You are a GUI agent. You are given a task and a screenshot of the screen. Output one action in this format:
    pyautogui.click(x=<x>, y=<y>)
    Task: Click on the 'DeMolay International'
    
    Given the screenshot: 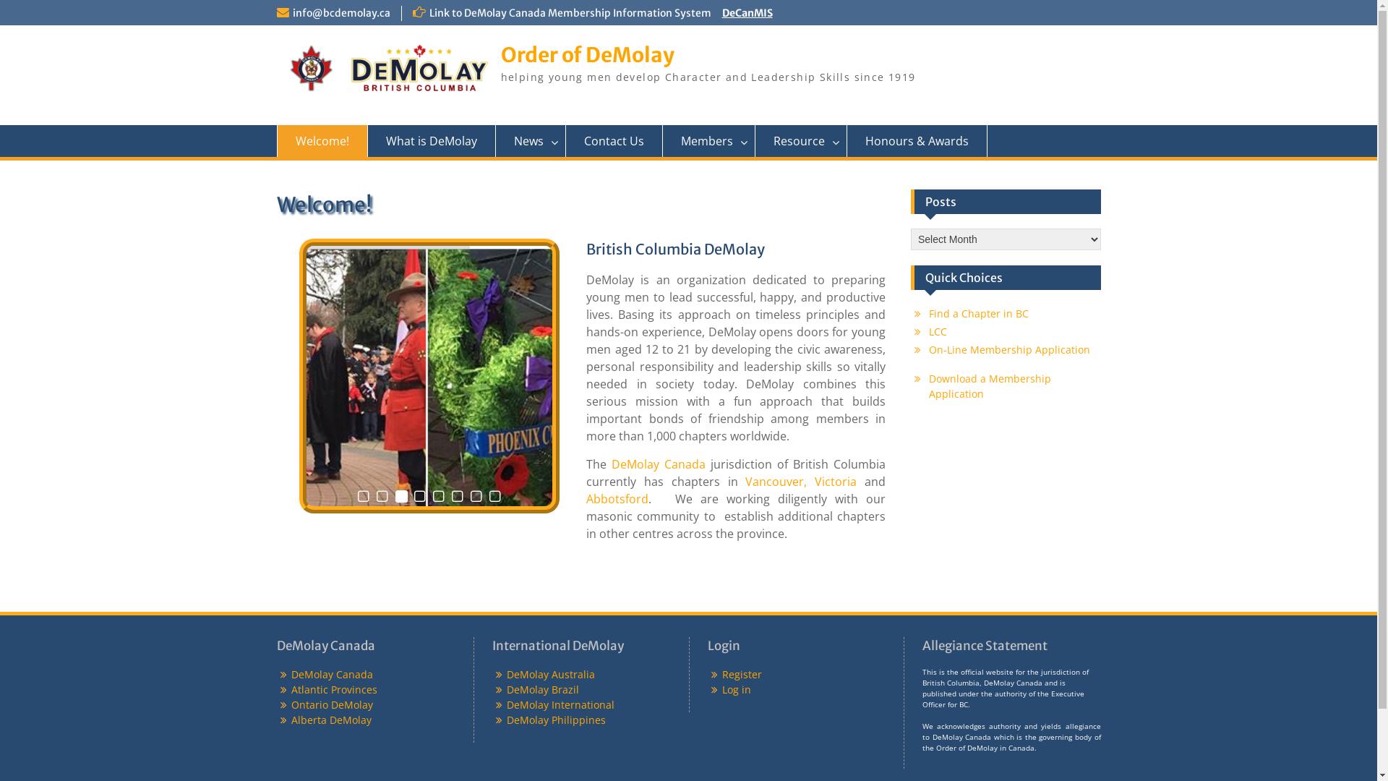 What is the action you would take?
    pyautogui.click(x=560, y=704)
    